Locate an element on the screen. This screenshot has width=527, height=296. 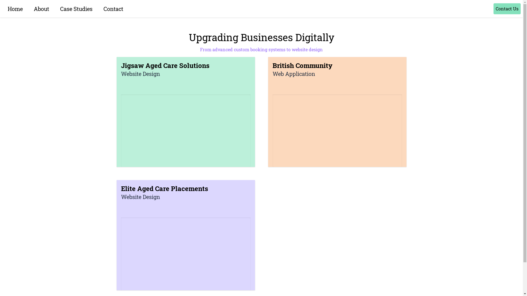
'About' is located at coordinates (41, 8).